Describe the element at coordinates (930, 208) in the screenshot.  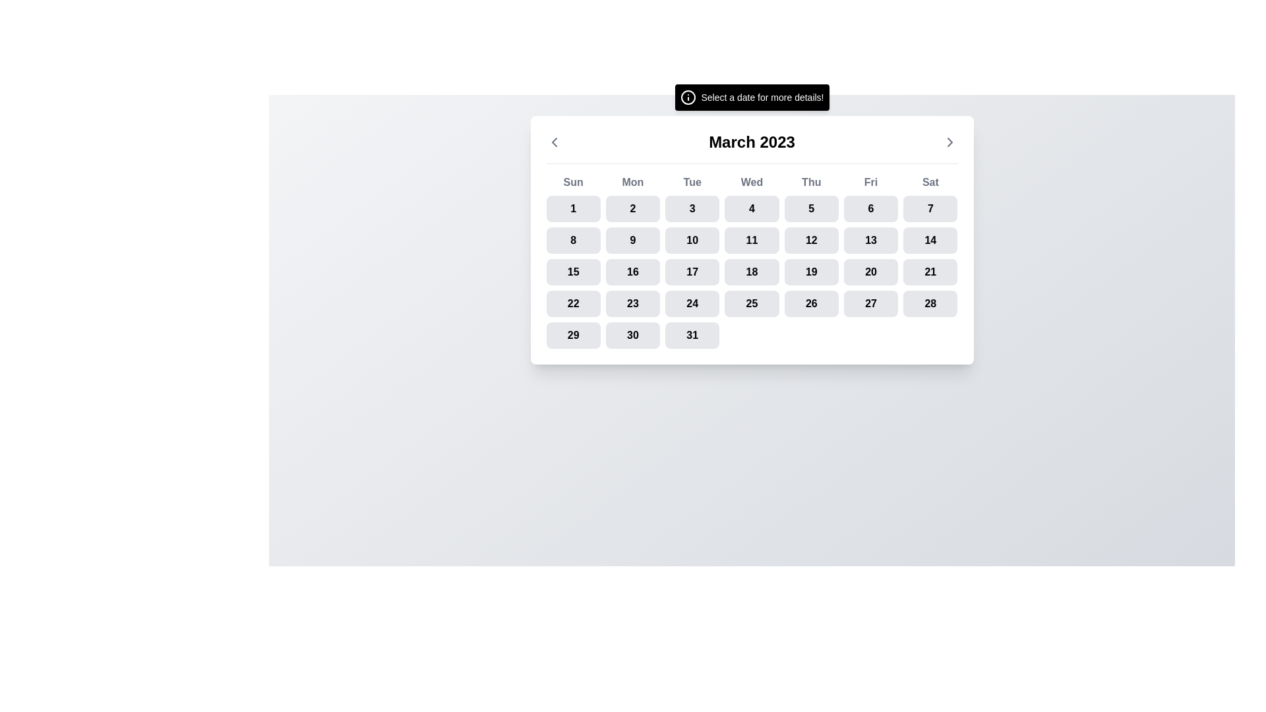
I see `the rounded rectangular button labeled '7' in the calendar interface` at that location.